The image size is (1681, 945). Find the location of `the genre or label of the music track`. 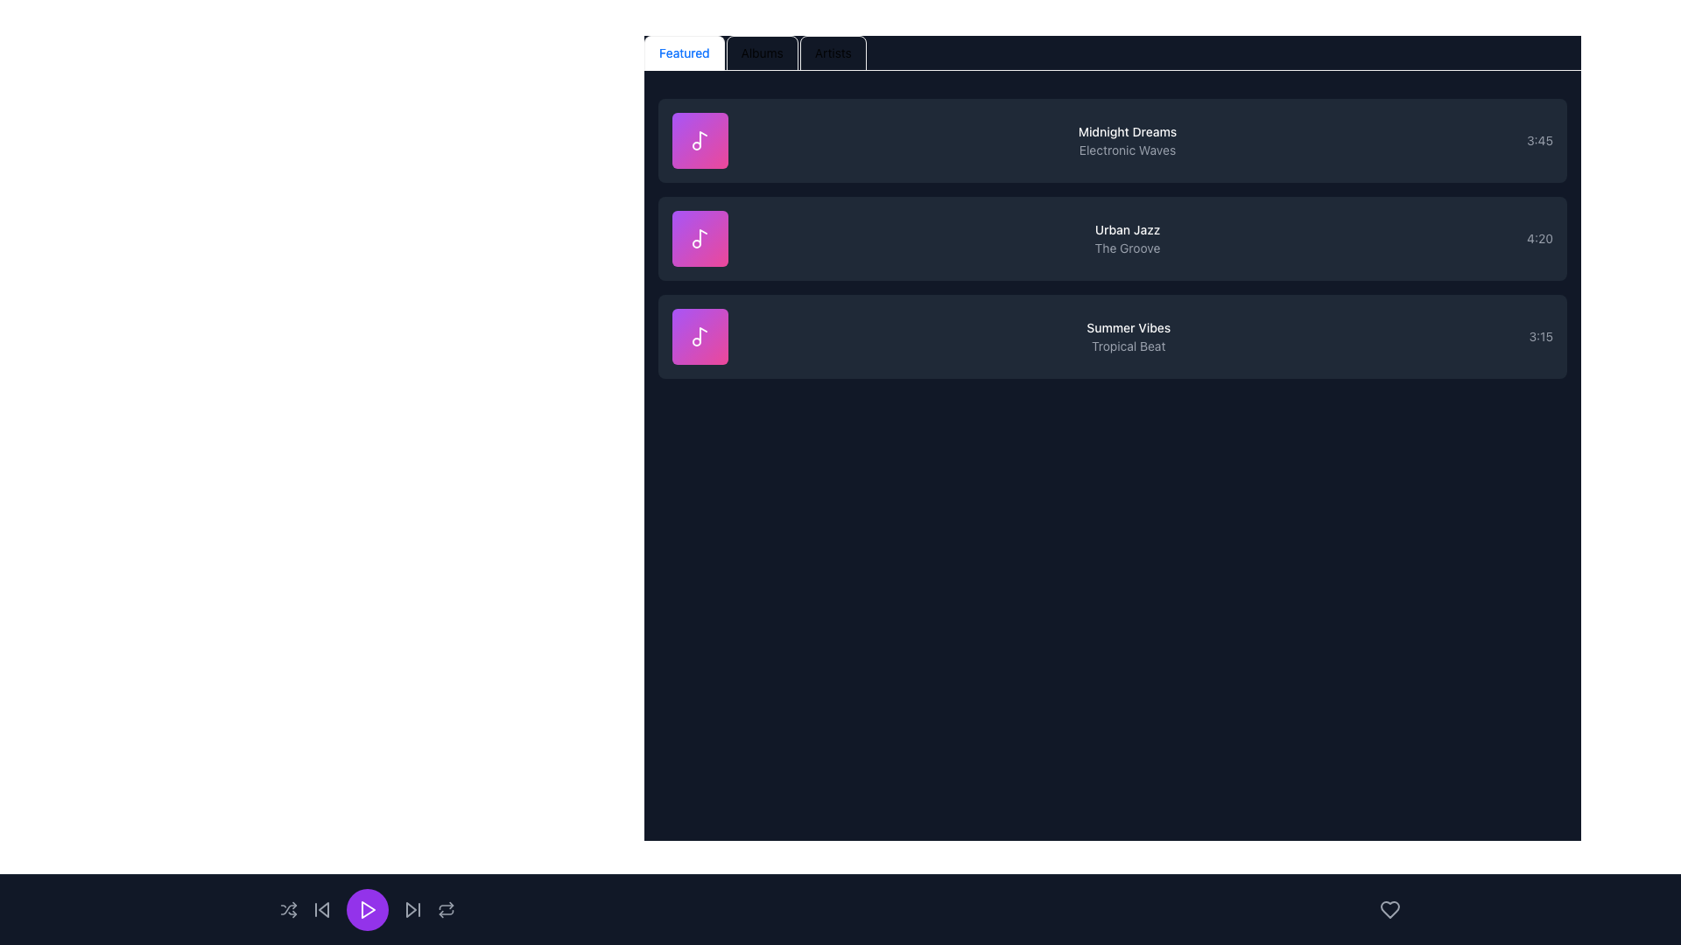

the genre or label of the music track is located at coordinates (1128, 248).